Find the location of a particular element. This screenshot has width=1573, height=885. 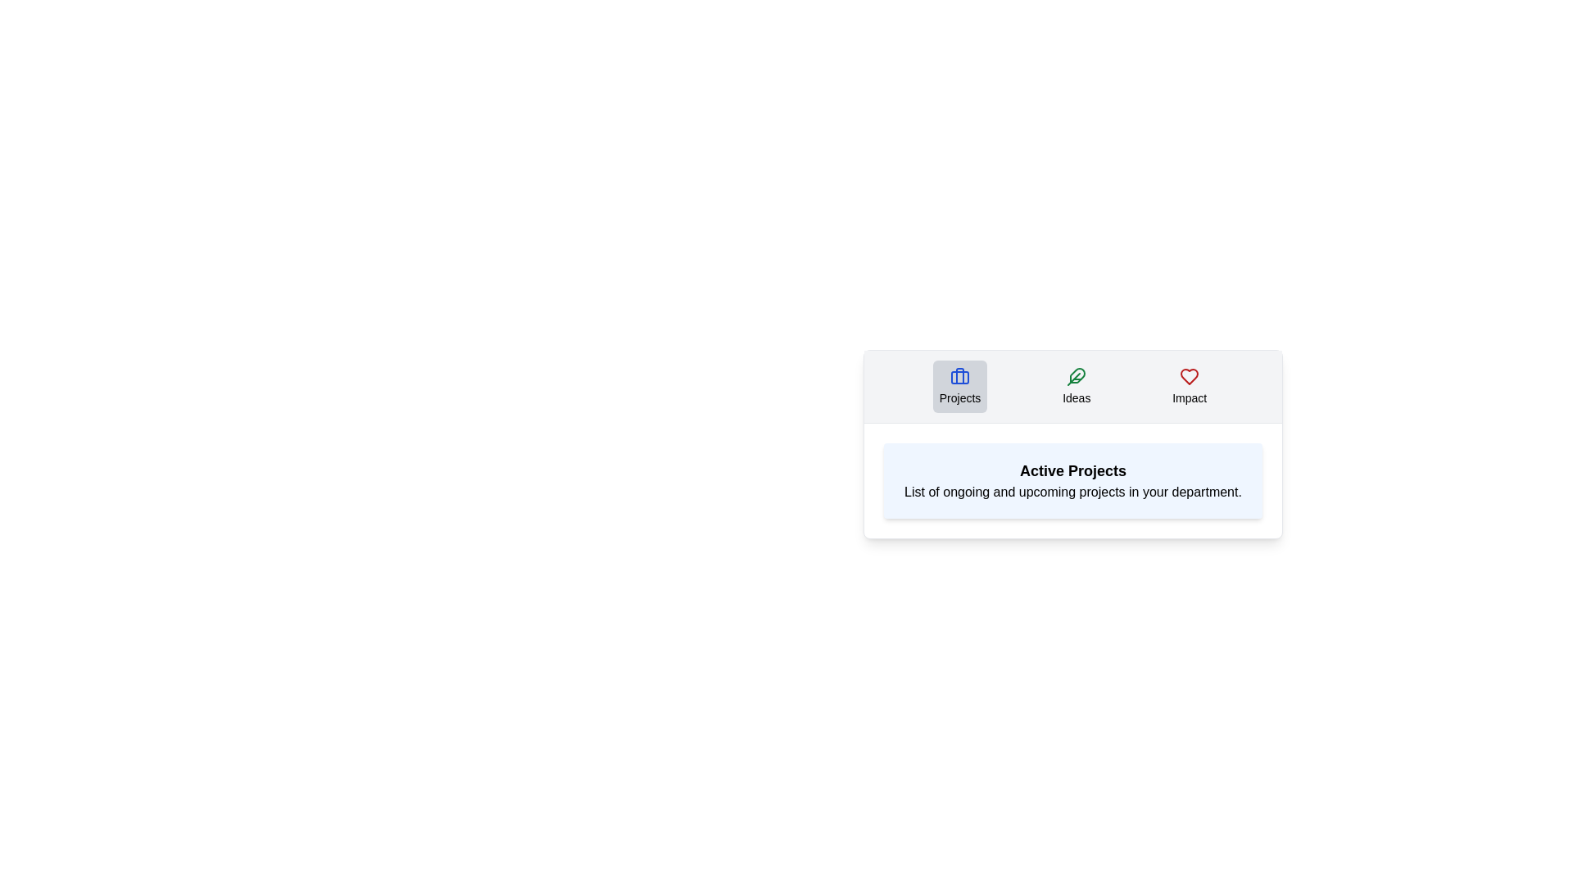

the Ideas tab by clicking on it is located at coordinates (1077, 386).